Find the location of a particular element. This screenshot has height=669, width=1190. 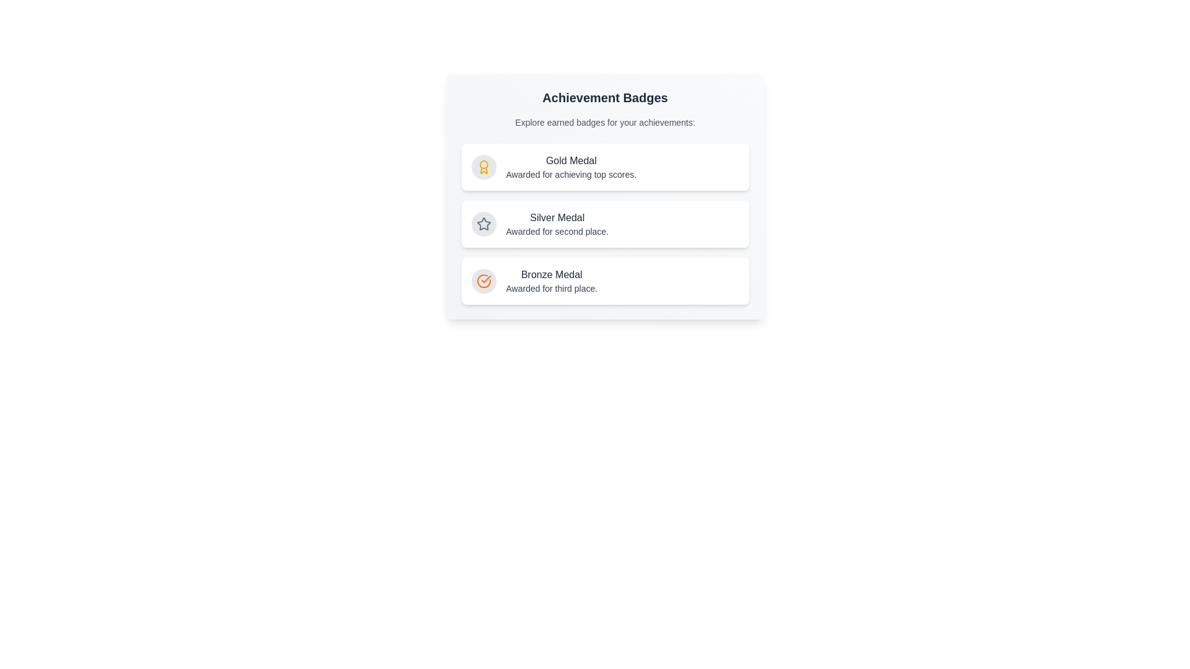

the static text label indicating the rank and significance of the 'Silver Medal' badge, positioned above the text 'Awarded for second place.' is located at coordinates (557, 217).